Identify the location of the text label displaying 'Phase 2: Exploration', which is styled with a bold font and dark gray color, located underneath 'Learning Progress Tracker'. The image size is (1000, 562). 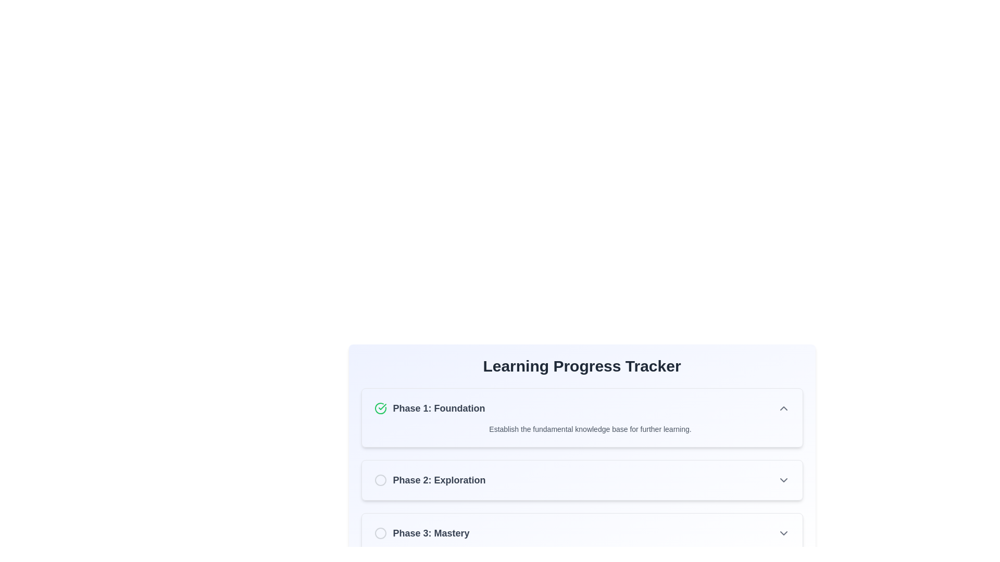
(439, 480).